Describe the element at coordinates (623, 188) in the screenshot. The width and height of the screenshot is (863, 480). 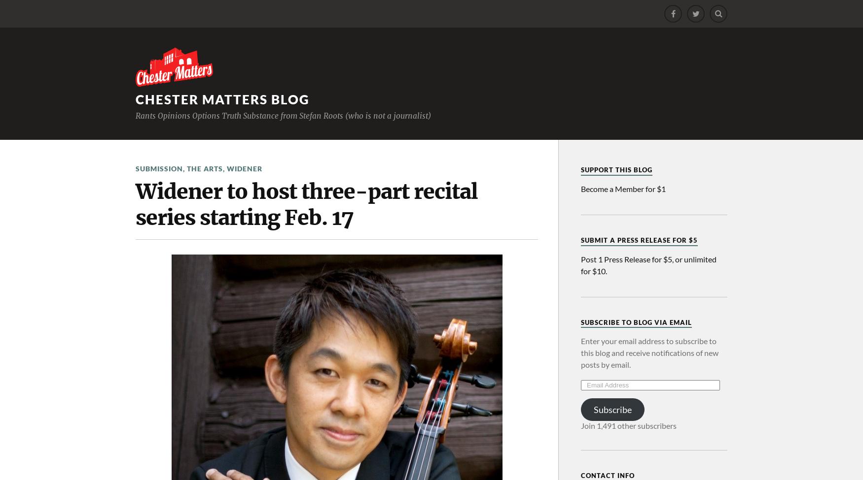
I see `'Become a Member for $1'` at that location.